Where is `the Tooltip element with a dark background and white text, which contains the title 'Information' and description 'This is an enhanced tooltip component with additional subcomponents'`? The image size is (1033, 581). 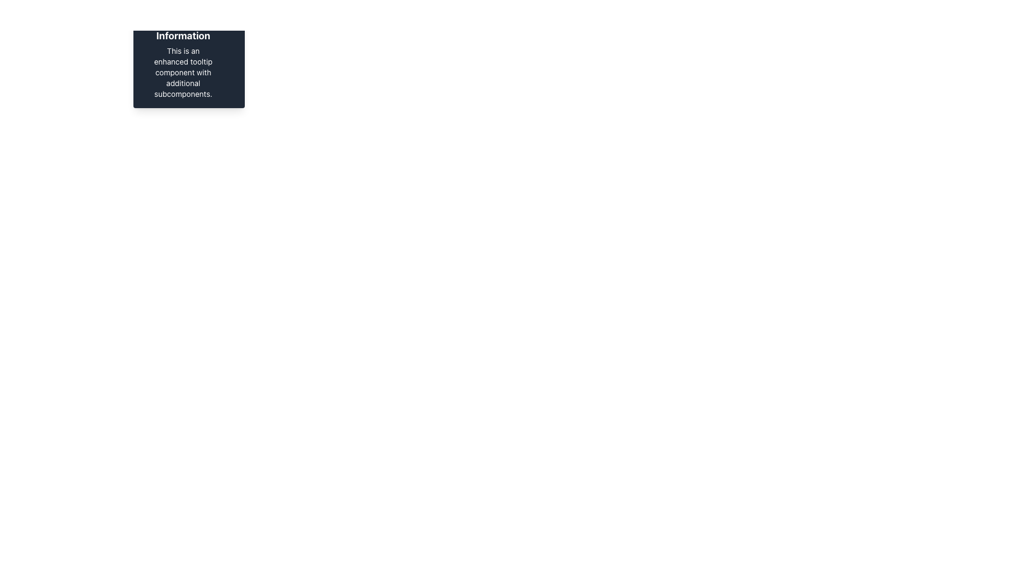 the Tooltip element with a dark background and white text, which contains the title 'Information' and description 'This is an enhanced tooltip component with additional subcomponents' is located at coordinates (189, 56).